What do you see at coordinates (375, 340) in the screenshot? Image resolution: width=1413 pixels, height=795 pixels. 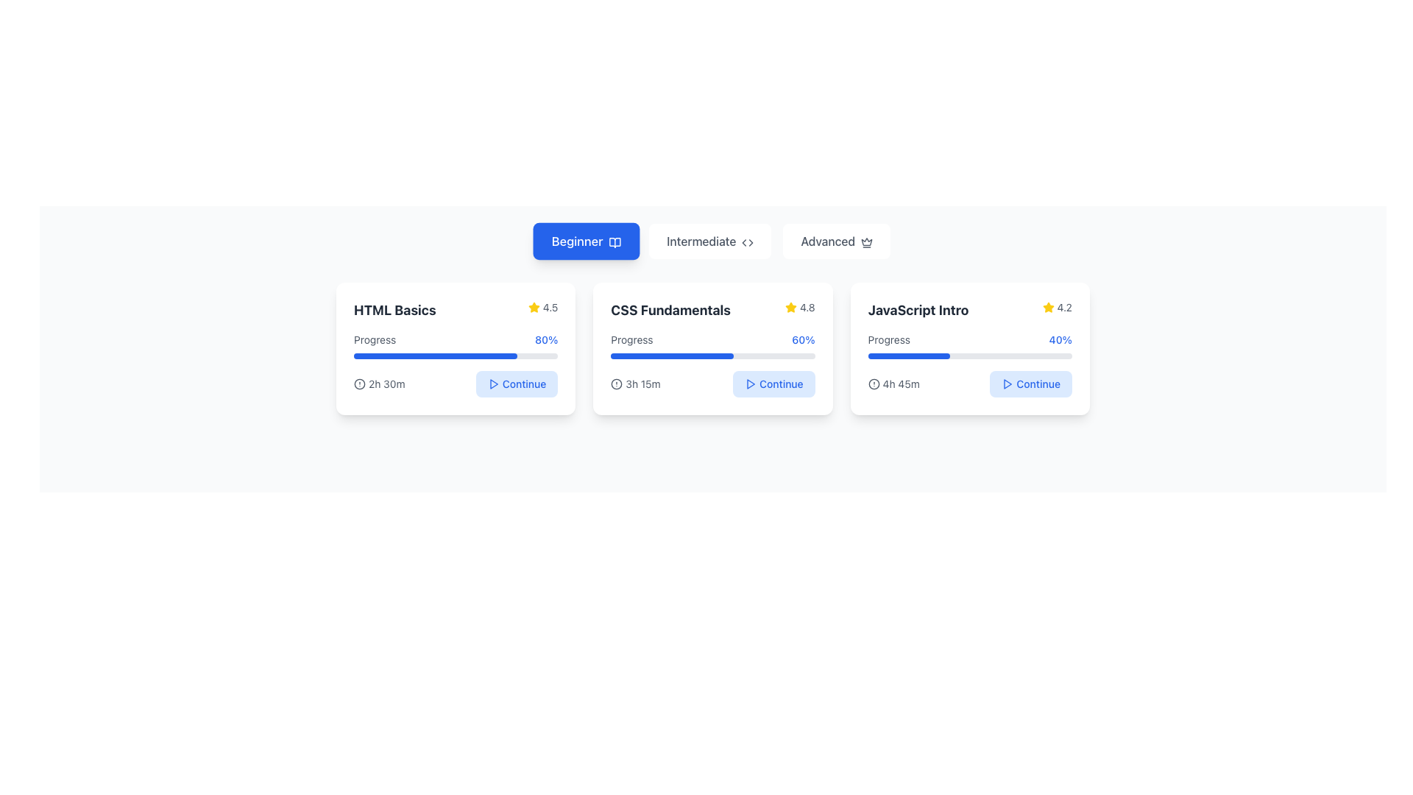 I see `the Text Label that indicates the progress percentage of the course in the leftmost card under the 'Beginner' section` at bounding box center [375, 340].